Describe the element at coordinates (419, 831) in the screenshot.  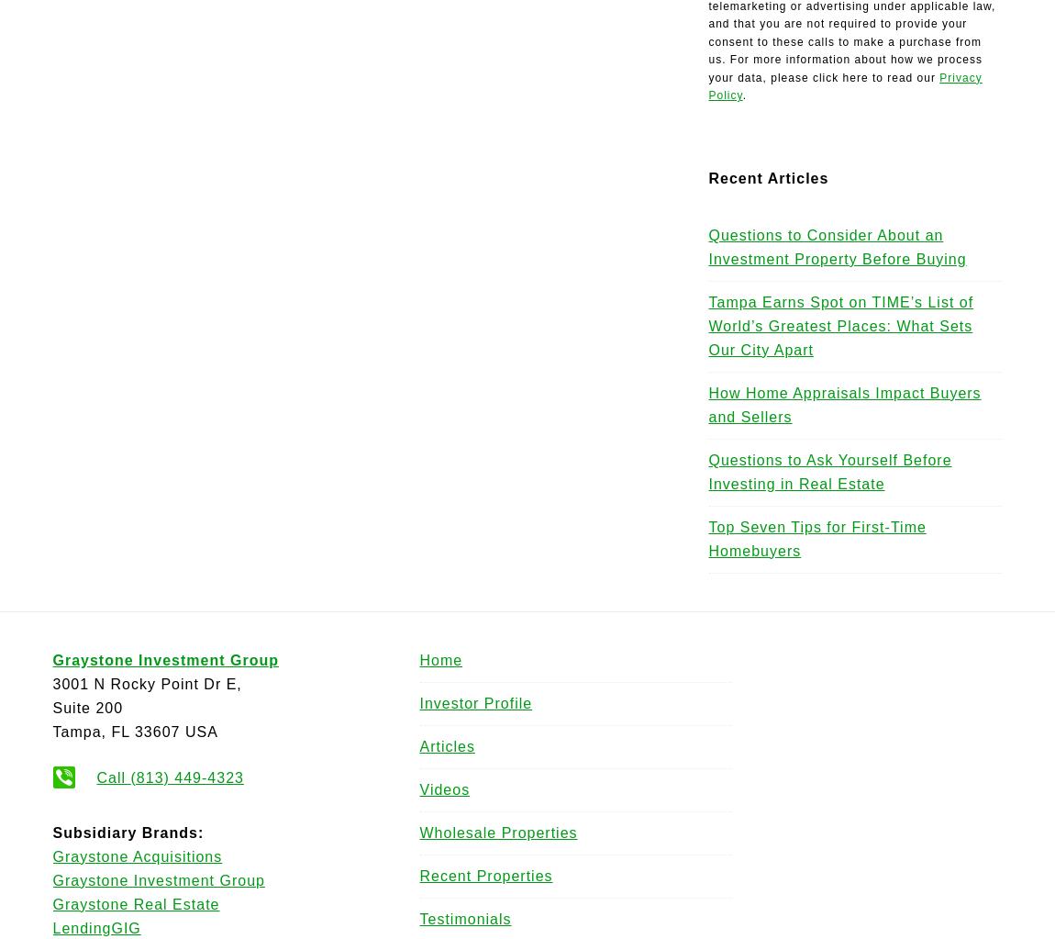
I see `'Wholesale Properties'` at that location.